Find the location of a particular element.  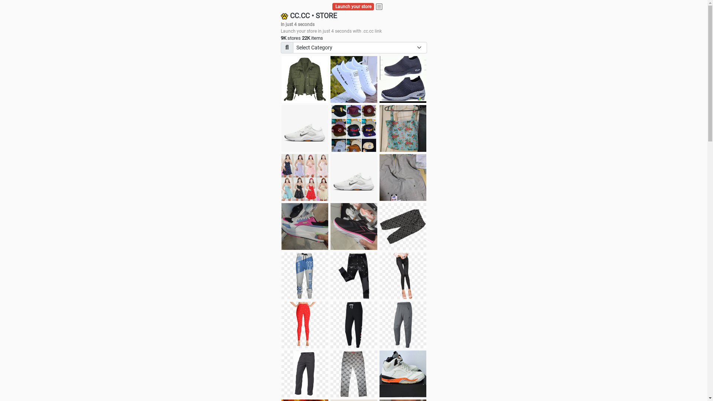

'Pant' is located at coordinates (330, 325).